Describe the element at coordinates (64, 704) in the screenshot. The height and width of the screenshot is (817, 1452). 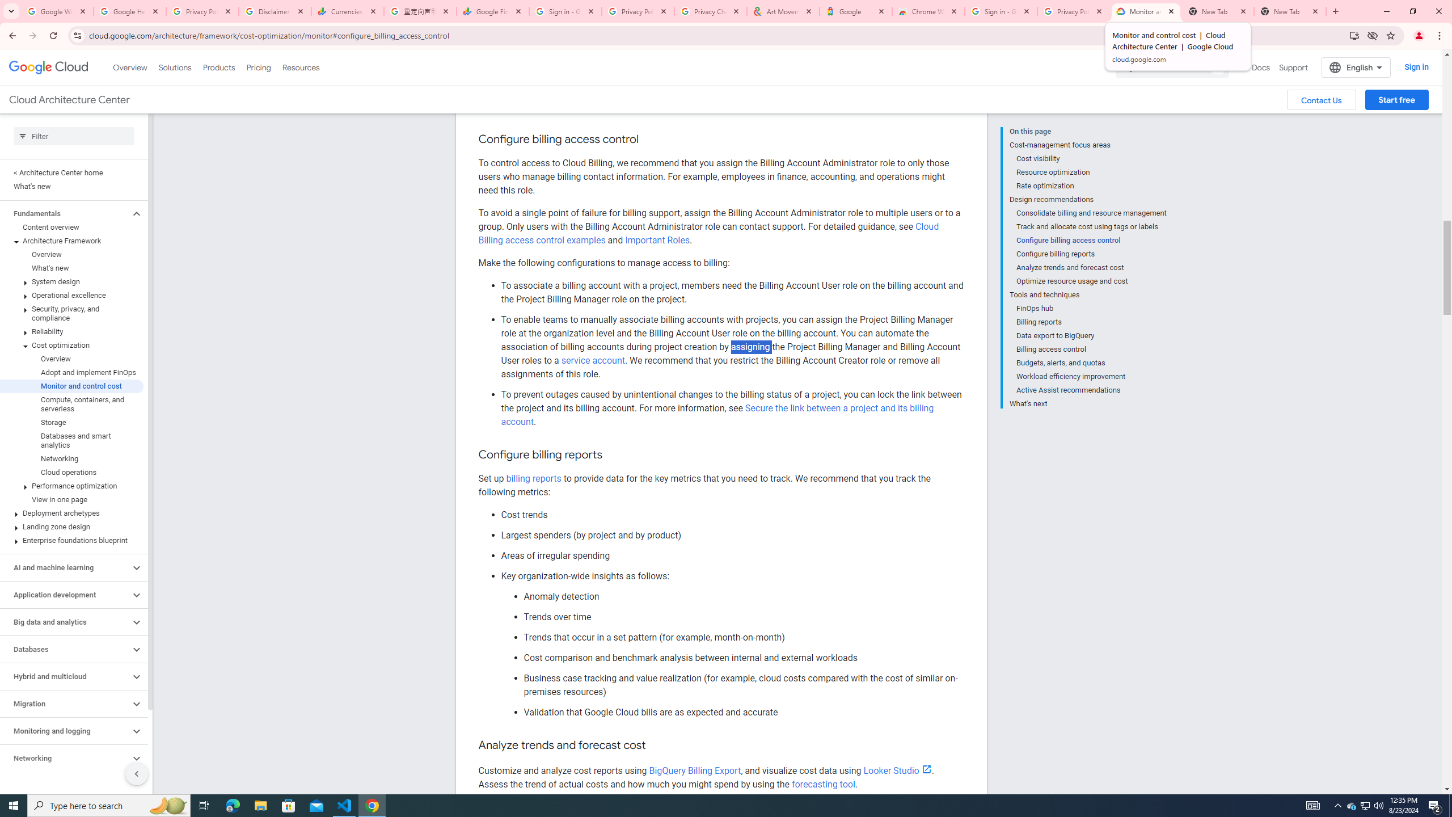
I see `'Migration'` at that location.